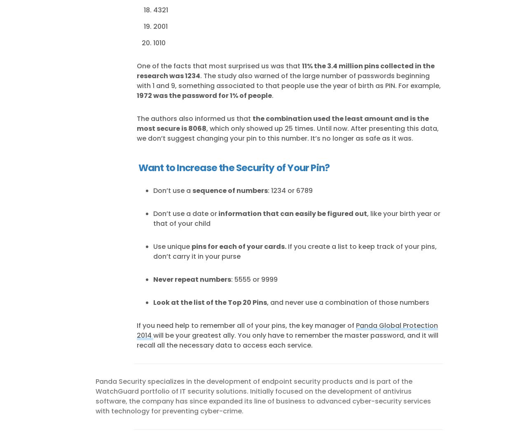 The height and width of the screenshot is (443, 515). What do you see at coordinates (347, 302) in the screenshot?
I see `', and never use a combination of those numbers'` at bounding box center [347, 302].